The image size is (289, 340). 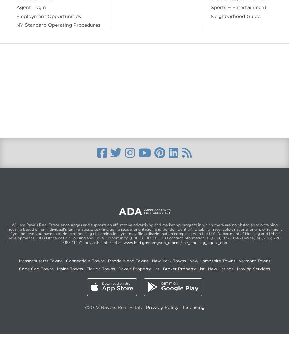 What do you see at coordinates (16, 16) in the screenshot?
I see `'Employment Opportunities'` at bounding box center [16, 16].